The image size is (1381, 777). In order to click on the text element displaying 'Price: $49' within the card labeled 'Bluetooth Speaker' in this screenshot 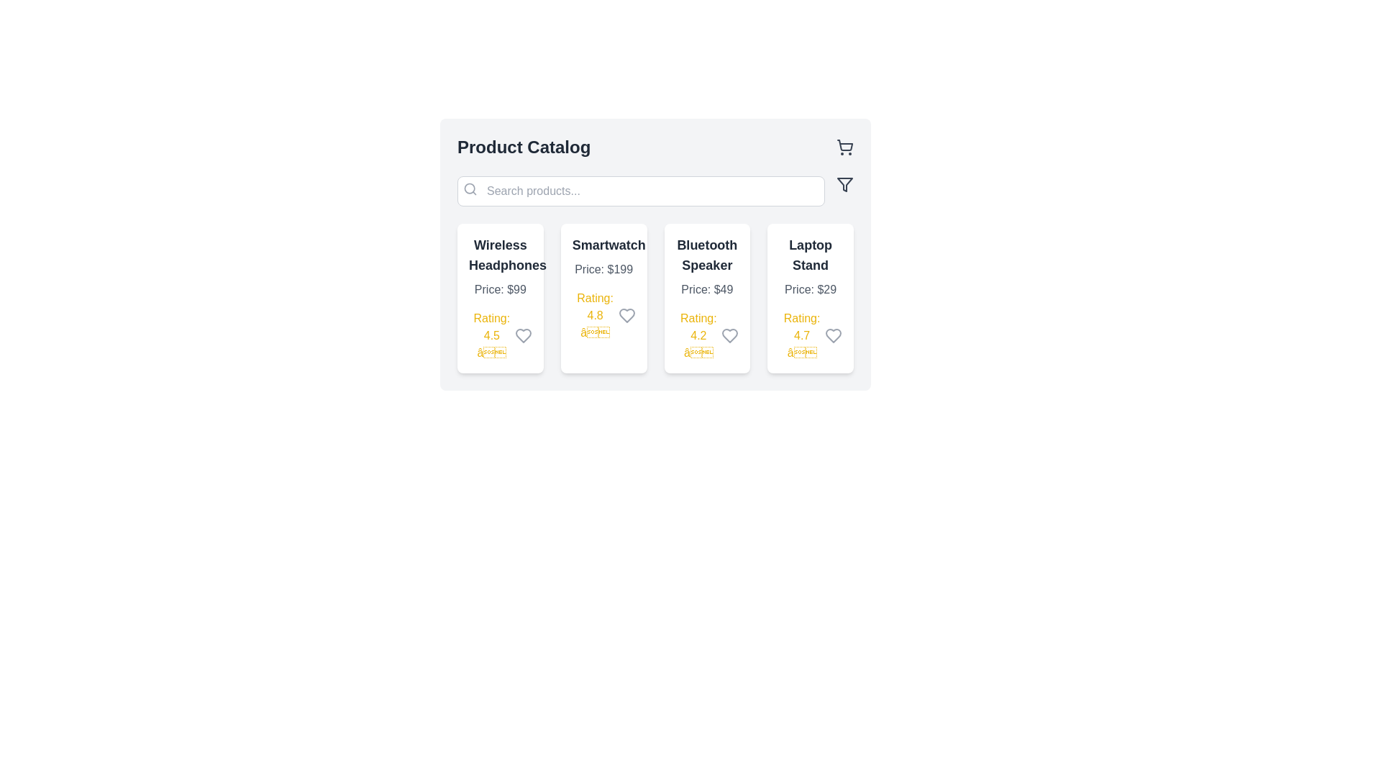, I will do `click(707, 289)`.